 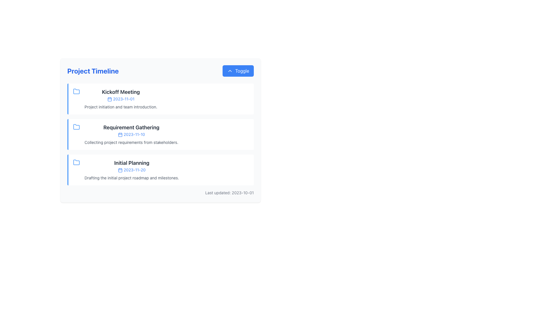 What do you see at coordinates (120, 135) in the screenshot?
I see `the decorative rectangle within the SVG calendar icon that is part of the 'Requirement Gathering' item in the 'Project Timeline' section` at bounding box center [120, 135].